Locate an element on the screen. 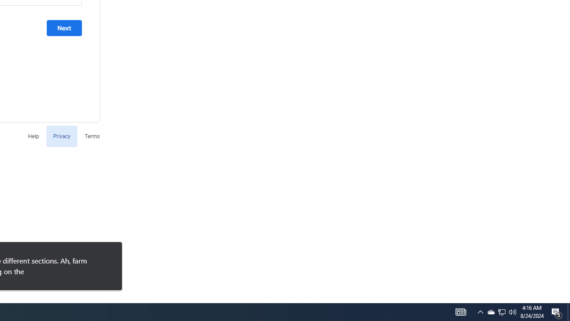 Image resolution: width=570 pixels, height=321 pixels. 'Privacy' is located at coordinates (61, 136).